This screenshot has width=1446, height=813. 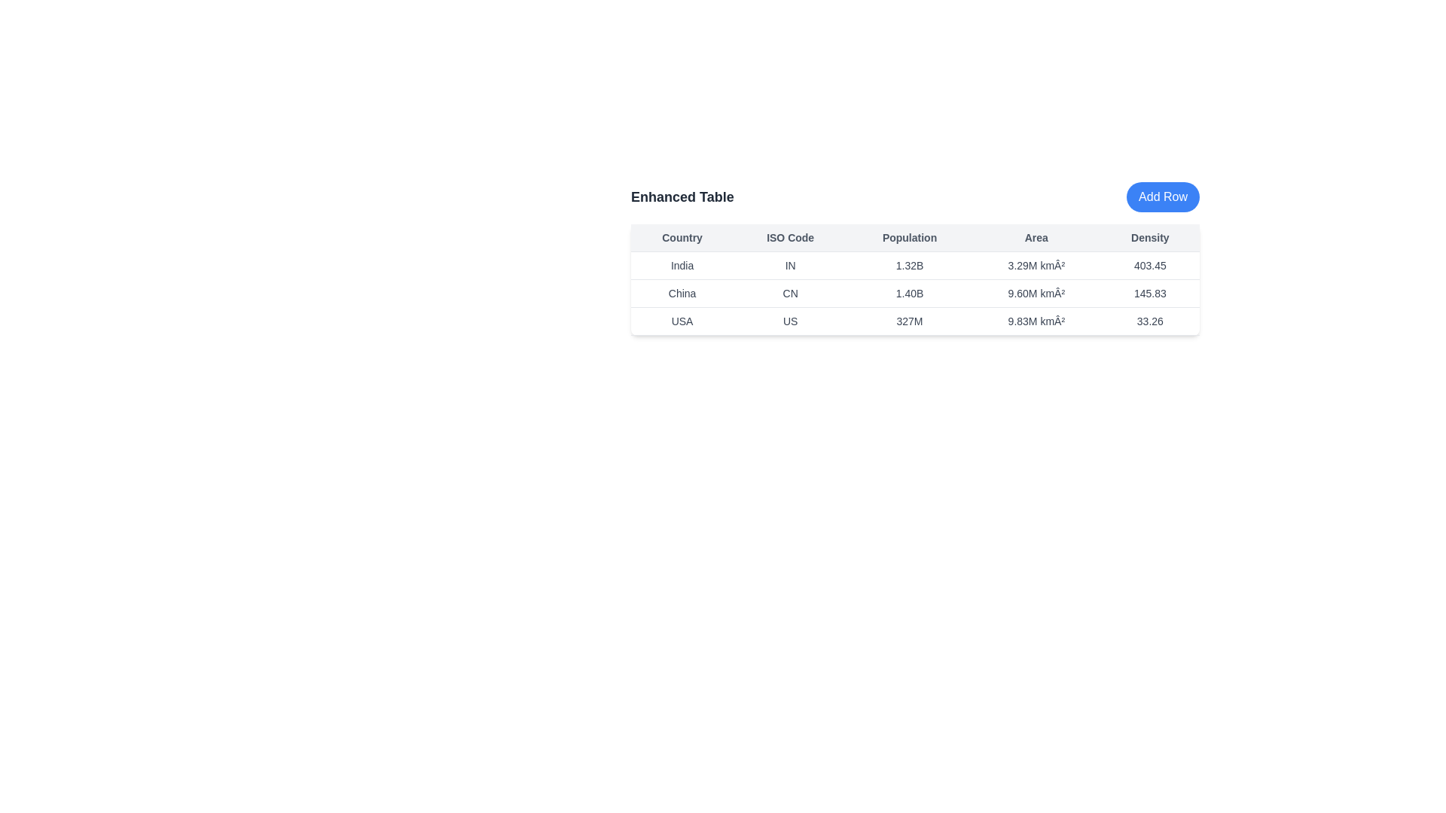 What do you see at coordinates (682, 237) in the screenshot?
I see `the 'Country' column header in the table, which is the first header to the left of the 'ISO Code' header` at bounding box center [682, 237].